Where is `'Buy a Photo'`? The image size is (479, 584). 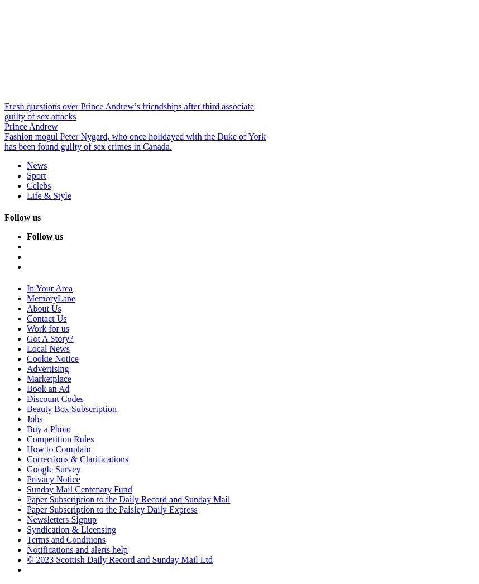 'Buy a Photo' is located at coordinates (49, 428).